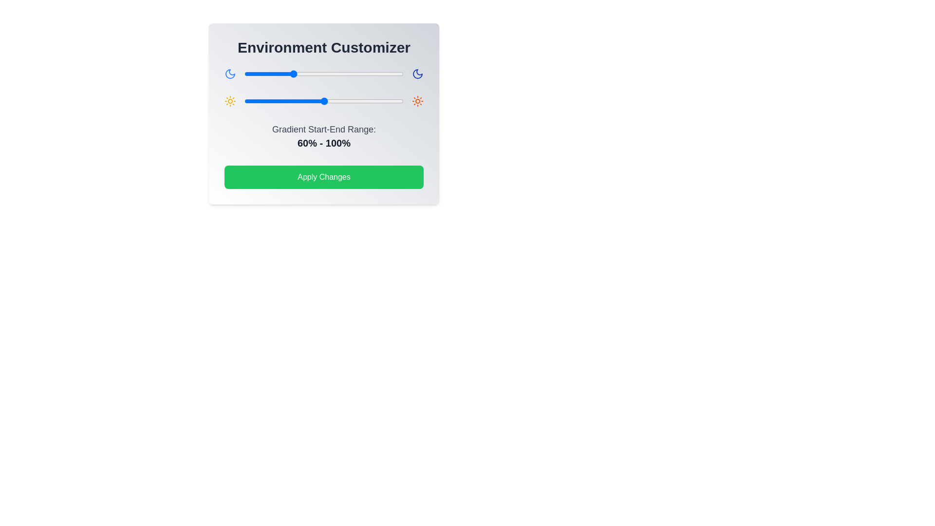  Describe the element at coordinates (377, 73) in the screenshot. I see `the gradient slider 0 to 167` at that location.